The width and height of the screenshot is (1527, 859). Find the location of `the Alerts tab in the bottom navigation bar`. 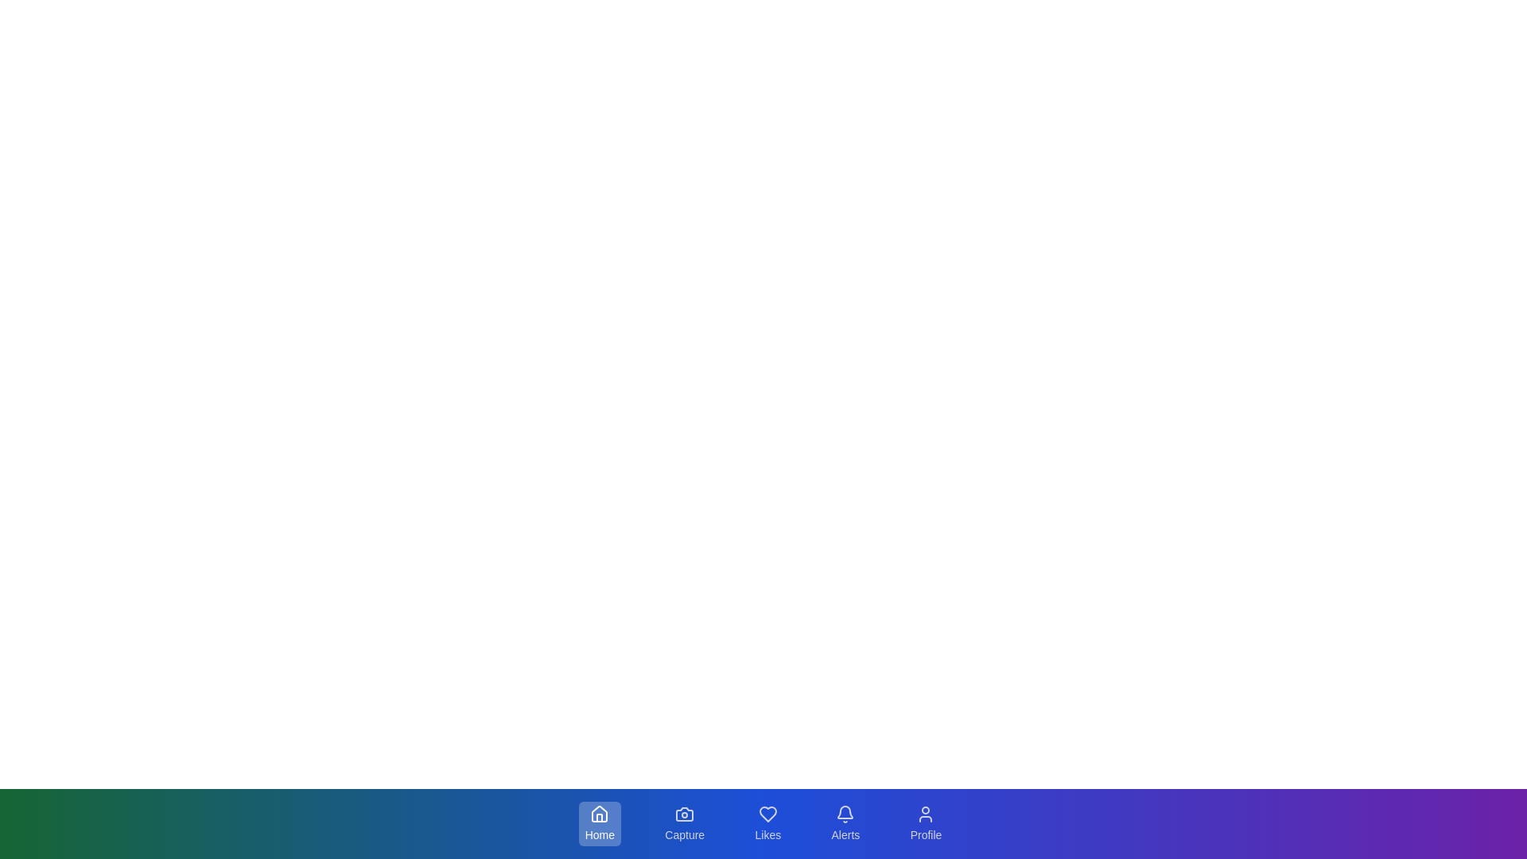

the Alerts tab in the bottom navigation bar is located at coordinates (844, 823).